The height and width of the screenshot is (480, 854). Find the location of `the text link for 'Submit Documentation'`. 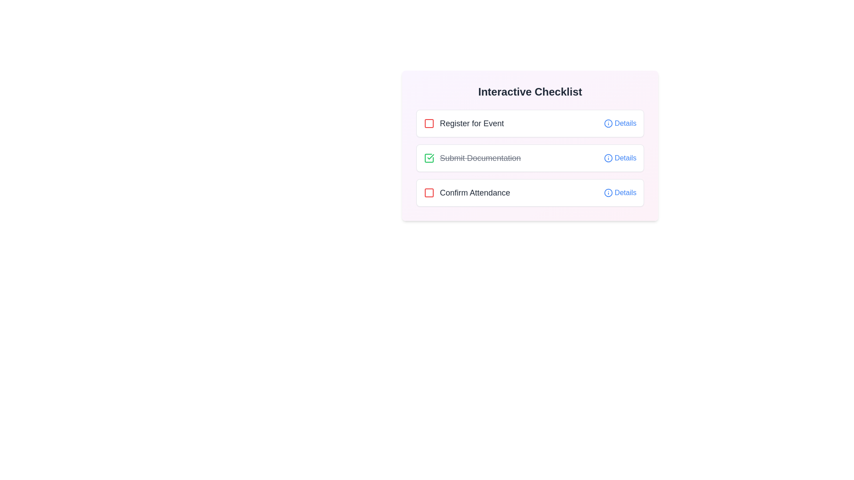

the text link for 'Submit Documentation' is located at coordinates (625, 157).